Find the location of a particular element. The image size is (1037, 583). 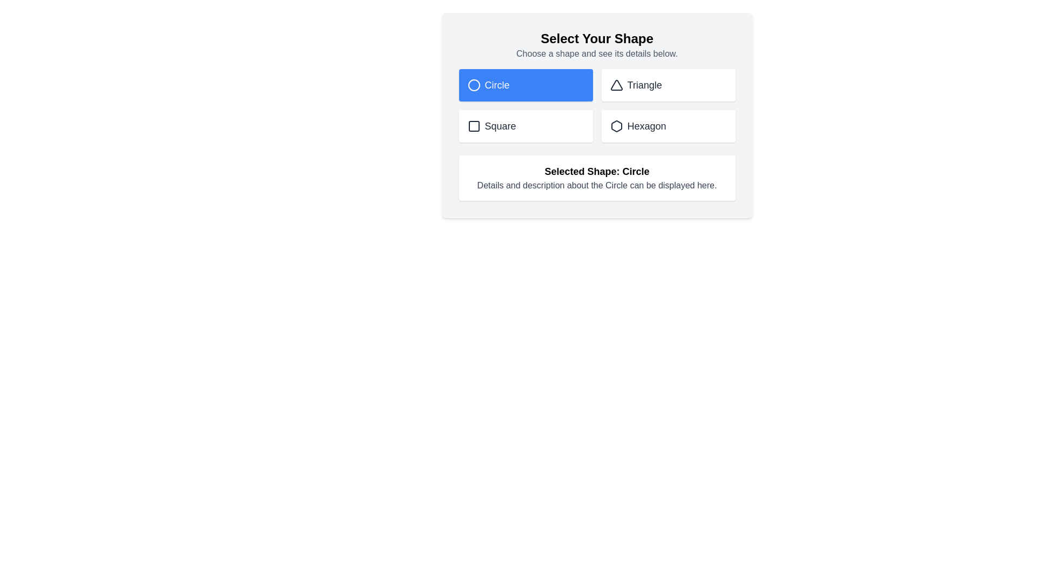

the text label that provides feedback on the currently selected shape, located centrally at the bottom of the shape selection grid is located at coordinates (596, 171).